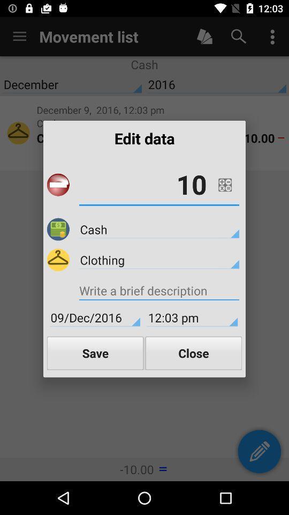 The width and height of the screenshot is (289, 515). What do you see at coordinates (158, 185) in the screenshot?
I see `10 icon` at bounding box center [158, 185].